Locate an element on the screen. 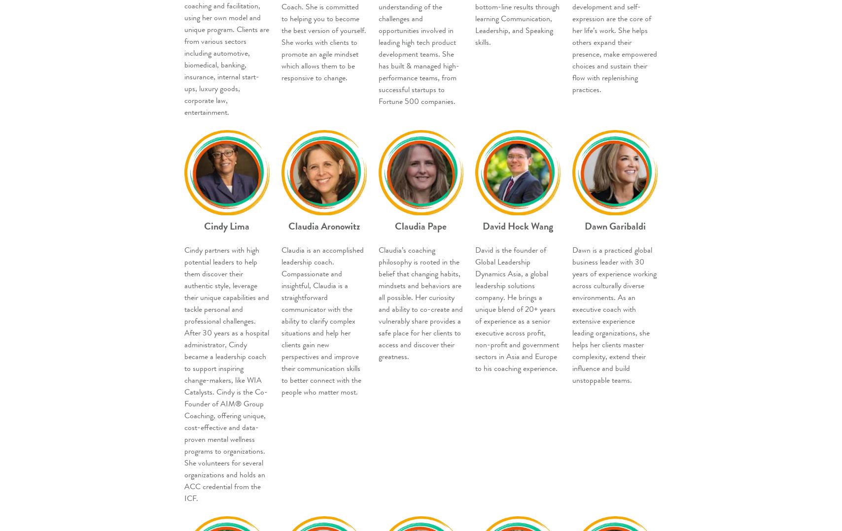 This screenshot has height=531, width=842. 'Claudia is an accomplished leadership coach. Compassionate and insightful, Claudia is a straightforward communicator with the ability to clarify complex situations and help her clients gain new perspectives and improve their communication skills to better connect with the people who matter most.' is located at coordinates (322, 320).